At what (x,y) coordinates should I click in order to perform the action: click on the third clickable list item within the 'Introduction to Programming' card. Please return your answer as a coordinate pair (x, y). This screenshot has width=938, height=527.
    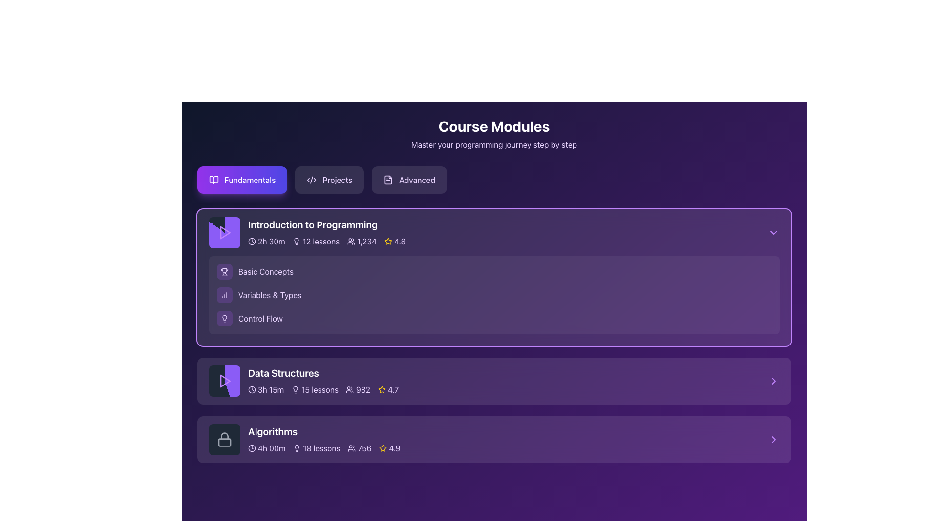
    Looking at the image, I should click on (494, 318).